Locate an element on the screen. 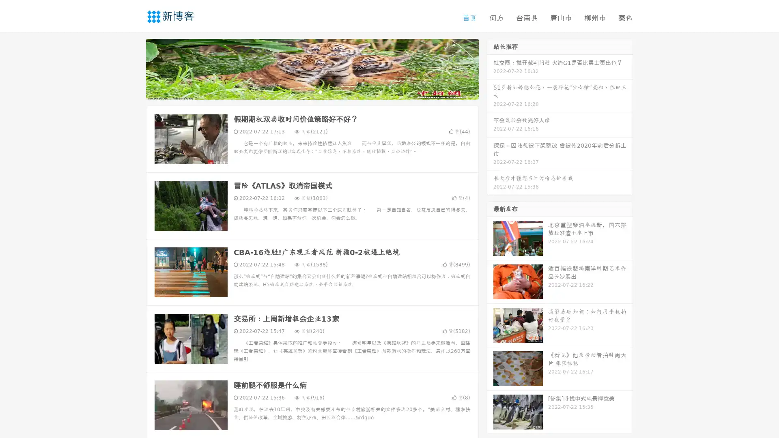  Go to slide 2 is located at coordinates (312, 91).